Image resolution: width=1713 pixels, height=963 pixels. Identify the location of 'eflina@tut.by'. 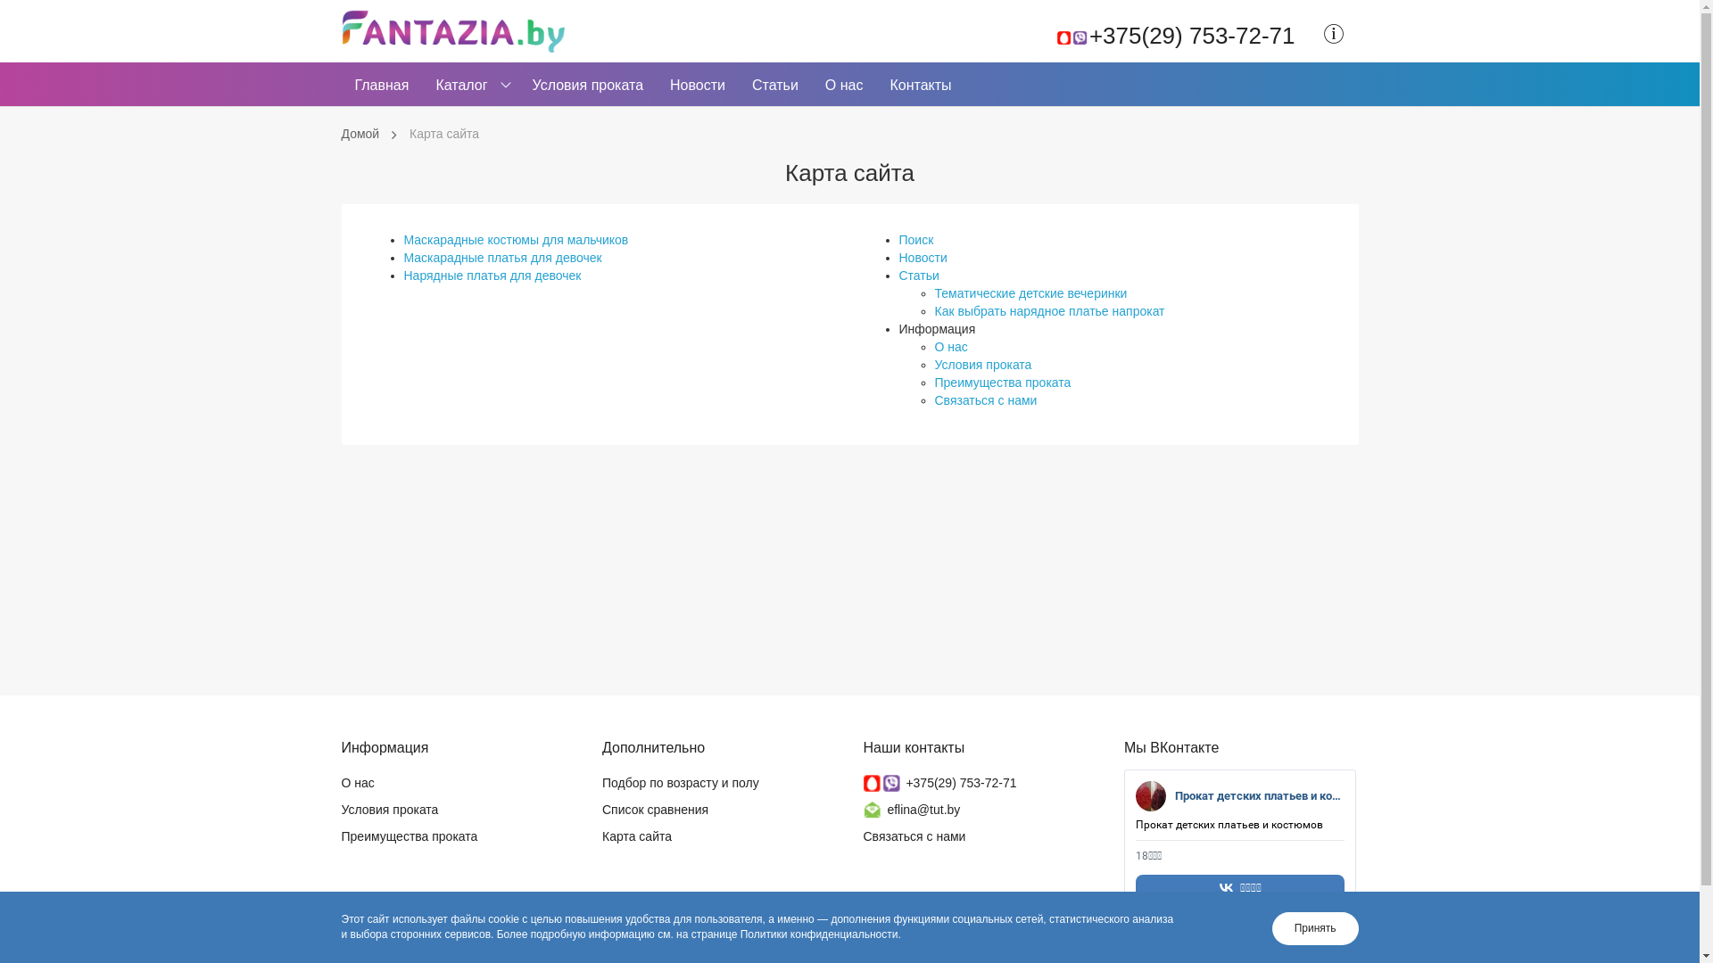
(912, 809).